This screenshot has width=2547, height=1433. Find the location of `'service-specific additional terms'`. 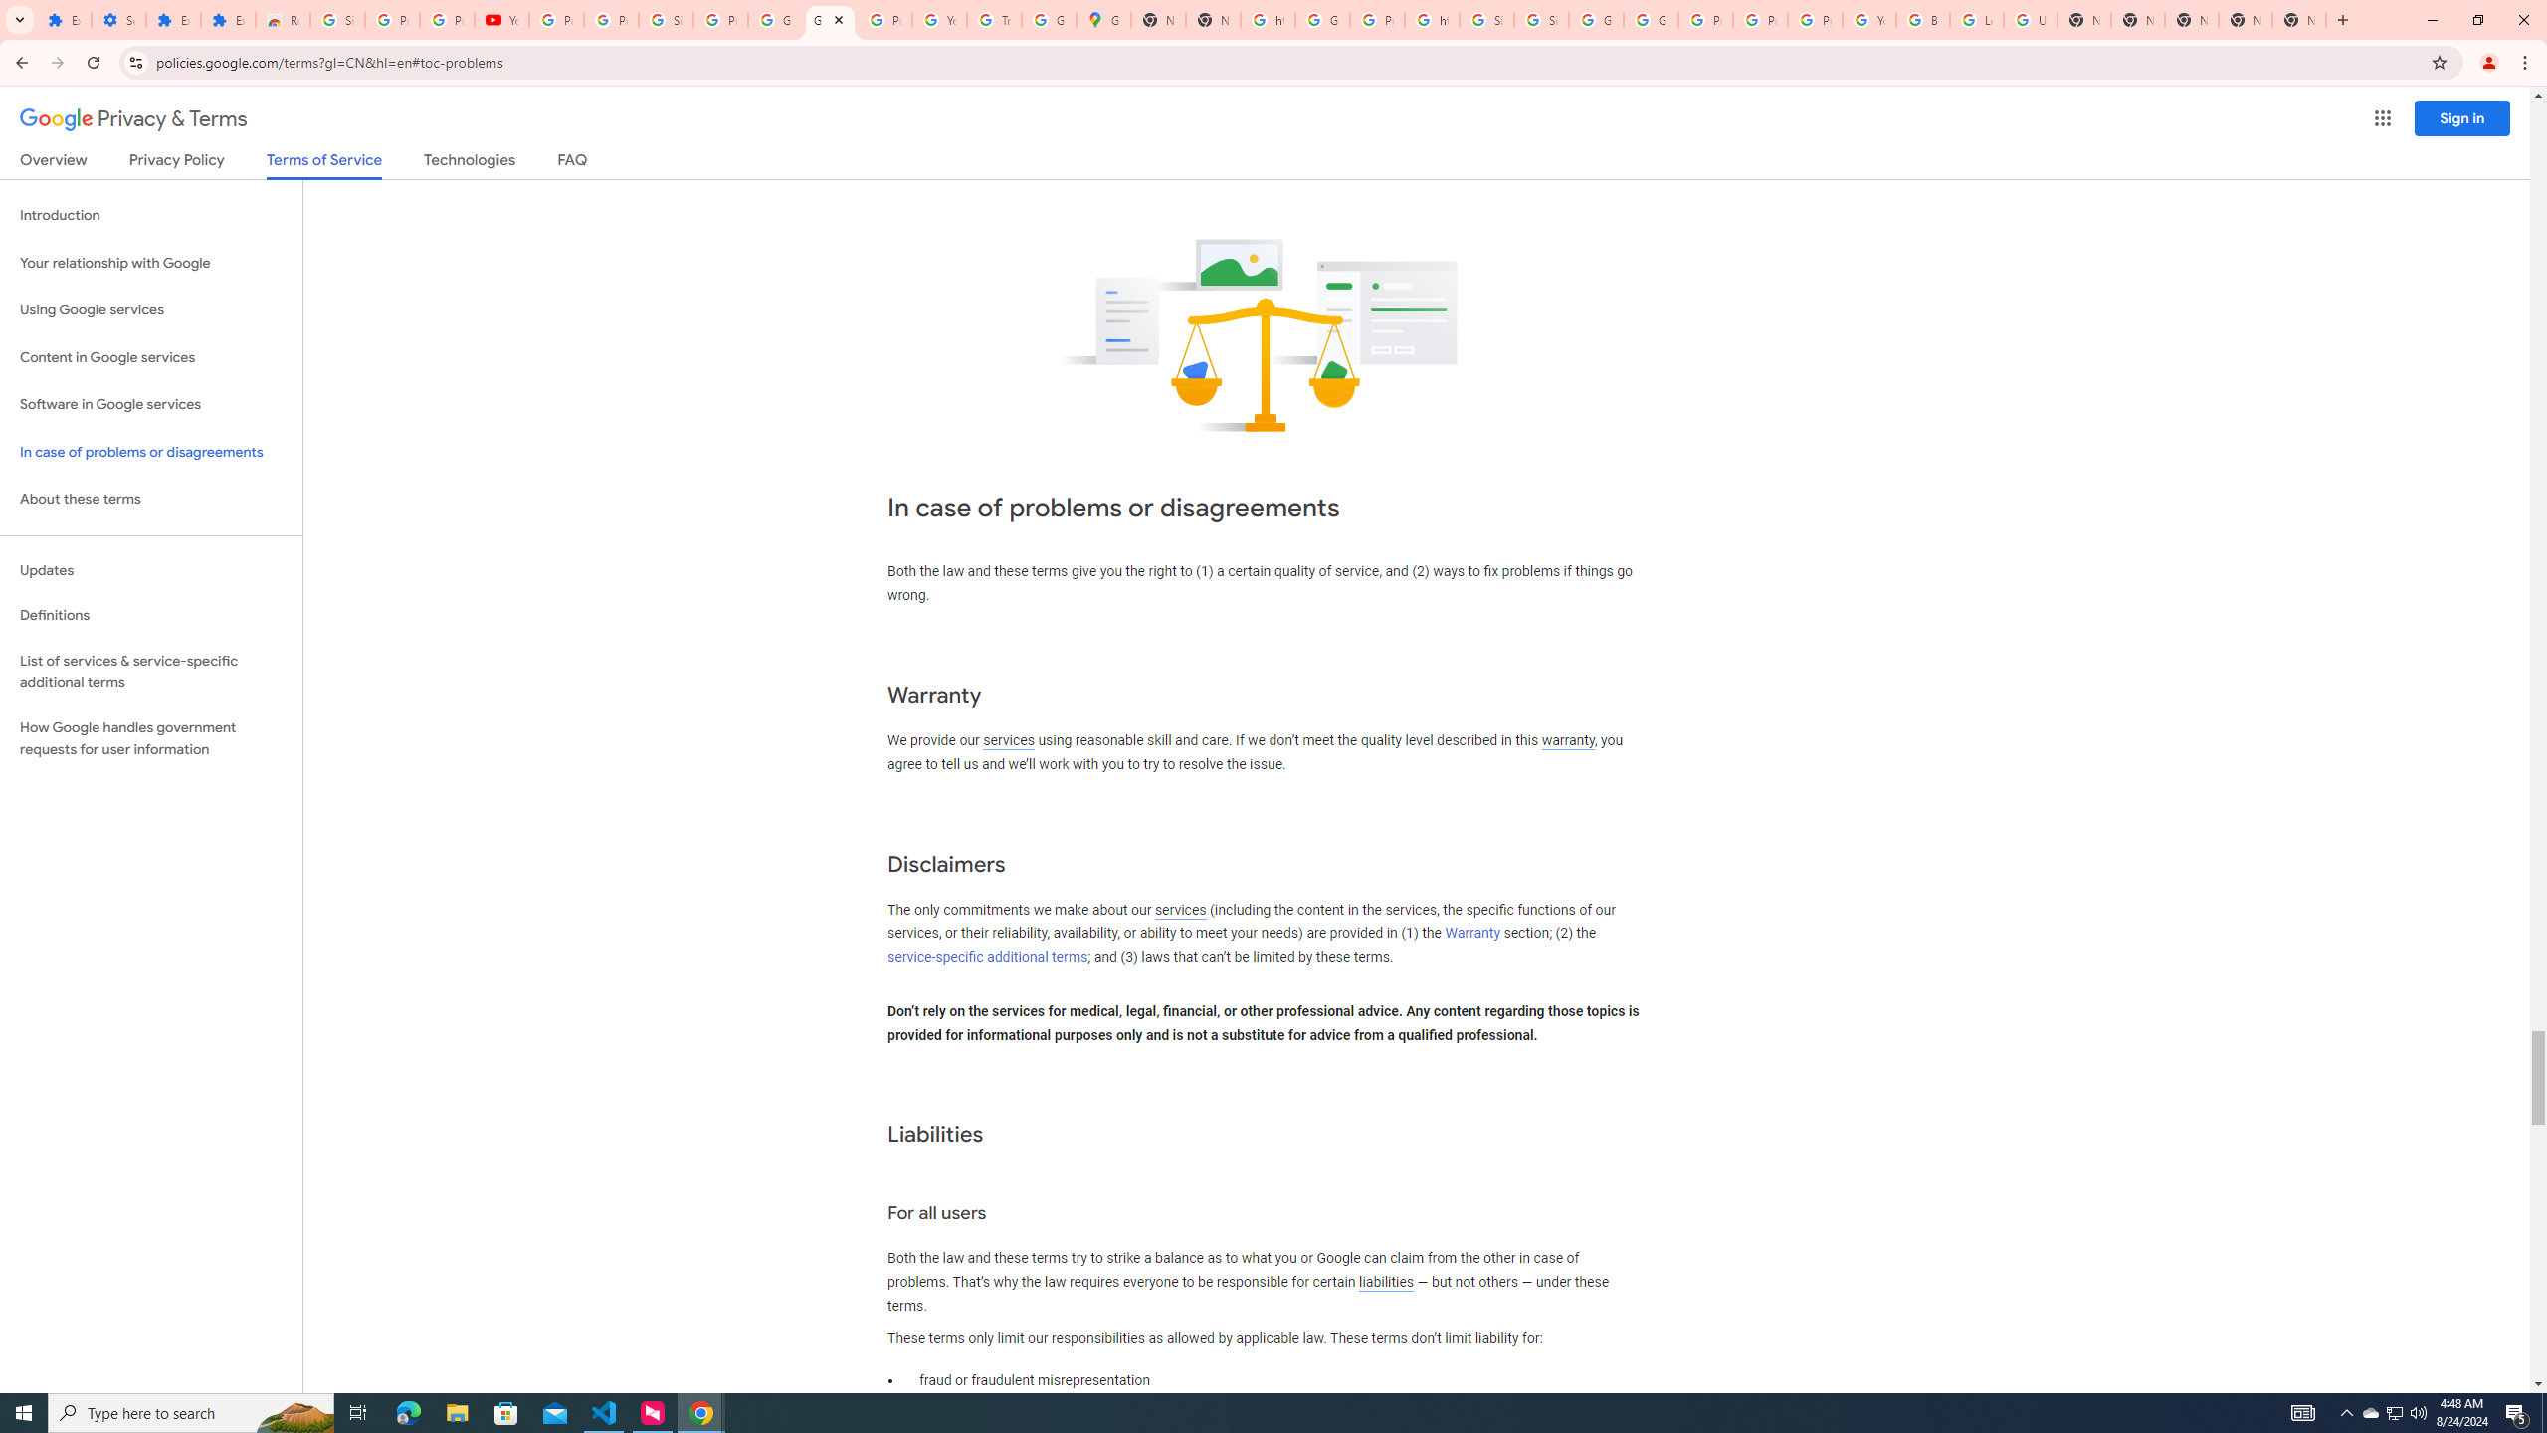

'service-specific additional terms' is located at coordinates (986, 956).